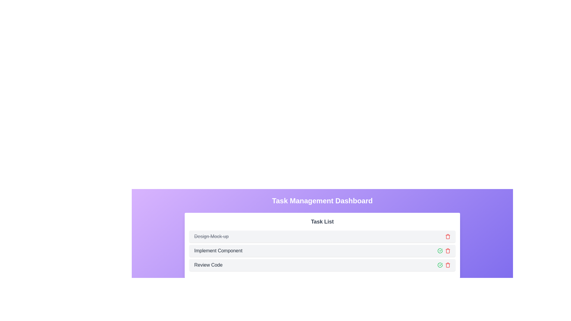  I want to click on text label 'Review Code' within the third task entry of the vertical task list, which is styled in medium-weight dark gray font against a light gray background, so click(208, 265).